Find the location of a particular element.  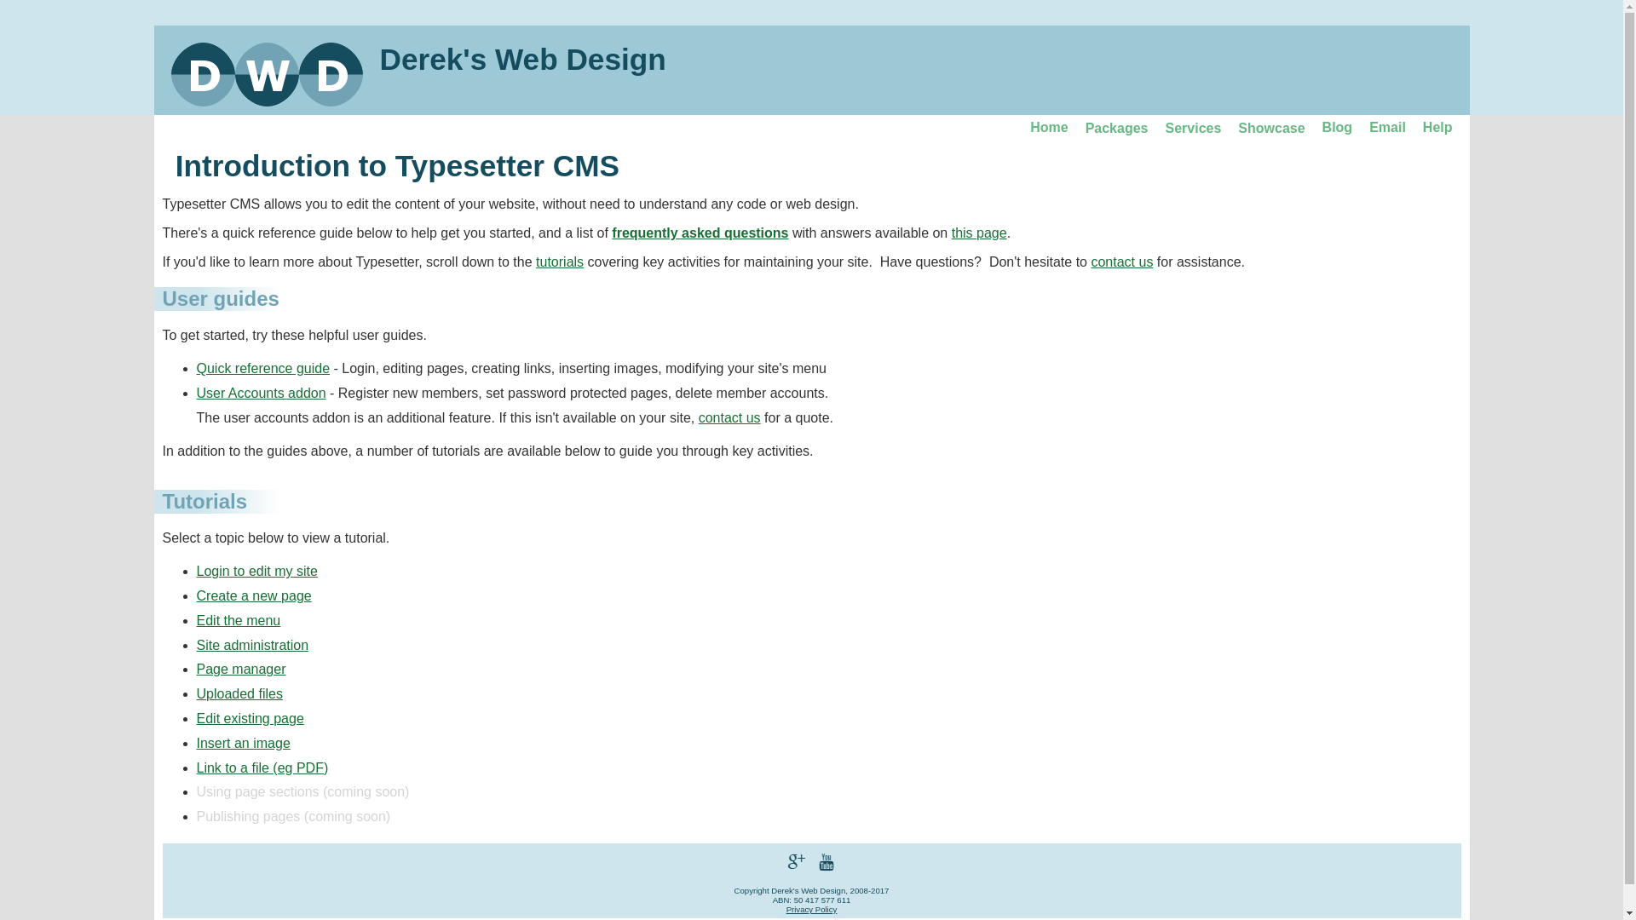

'Login to edit my site' is located at coordinates (256, 571).